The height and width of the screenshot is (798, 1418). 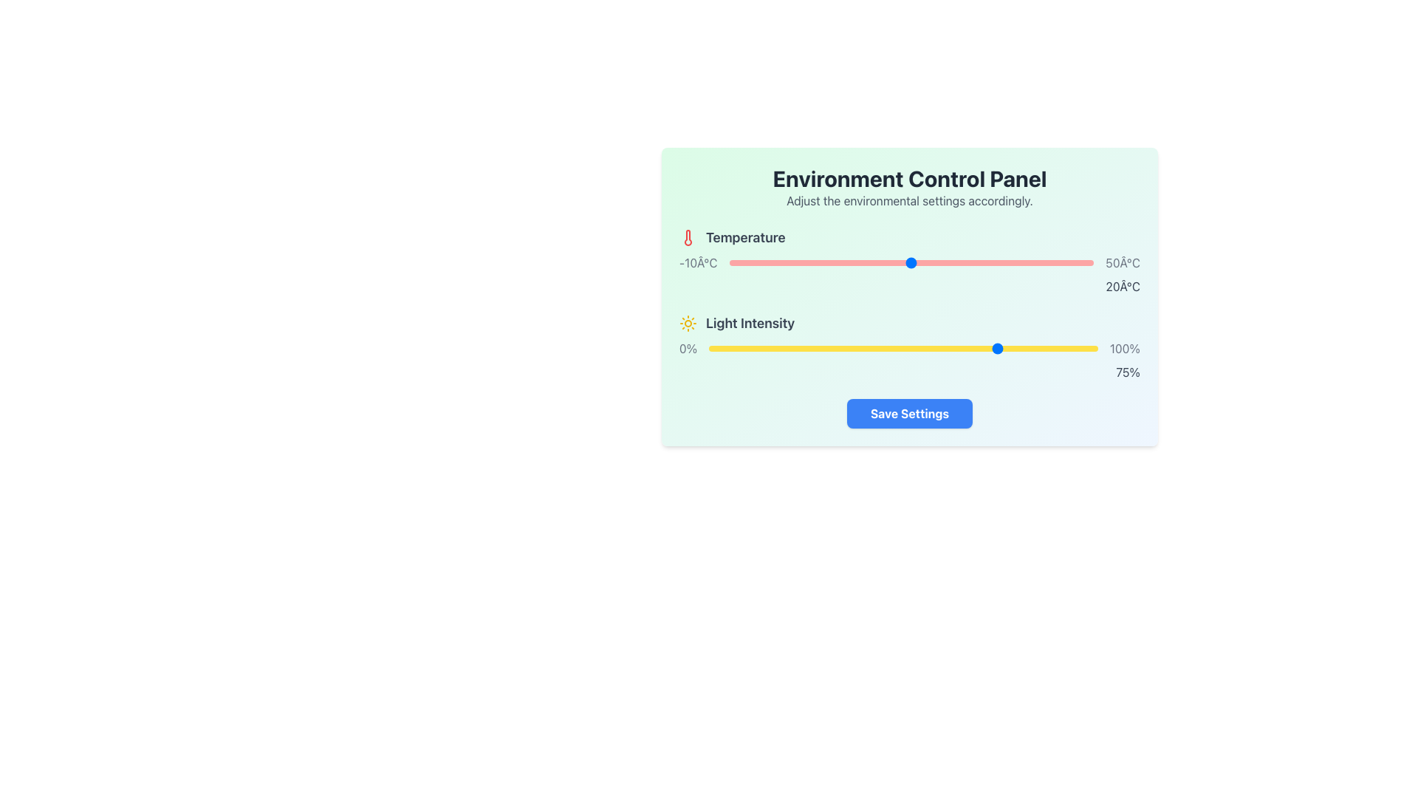 I want to click on temperature, so click(x=832, y=262).